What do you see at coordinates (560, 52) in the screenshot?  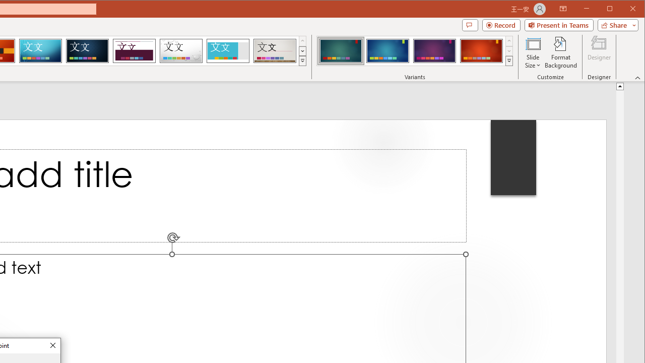 I see `'Format Background'` at bounding box center [560, 52].